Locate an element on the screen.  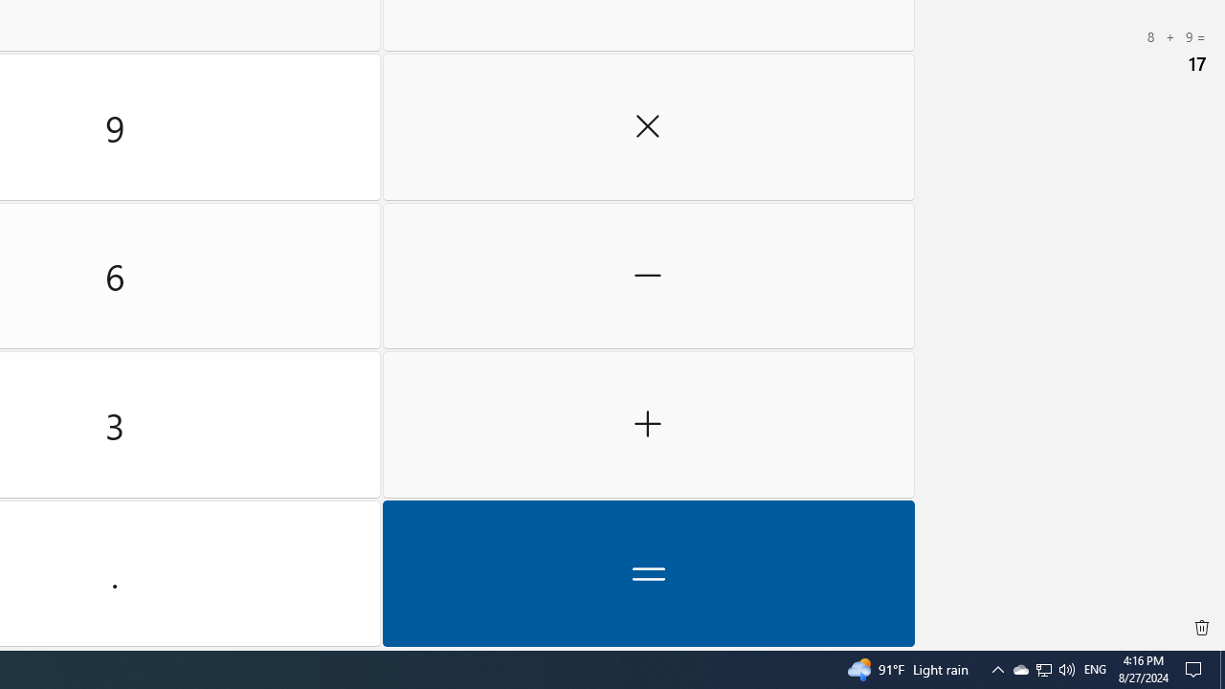
'Tray Input Indicator - English (United States)' is located at coordinates (1095, 668).